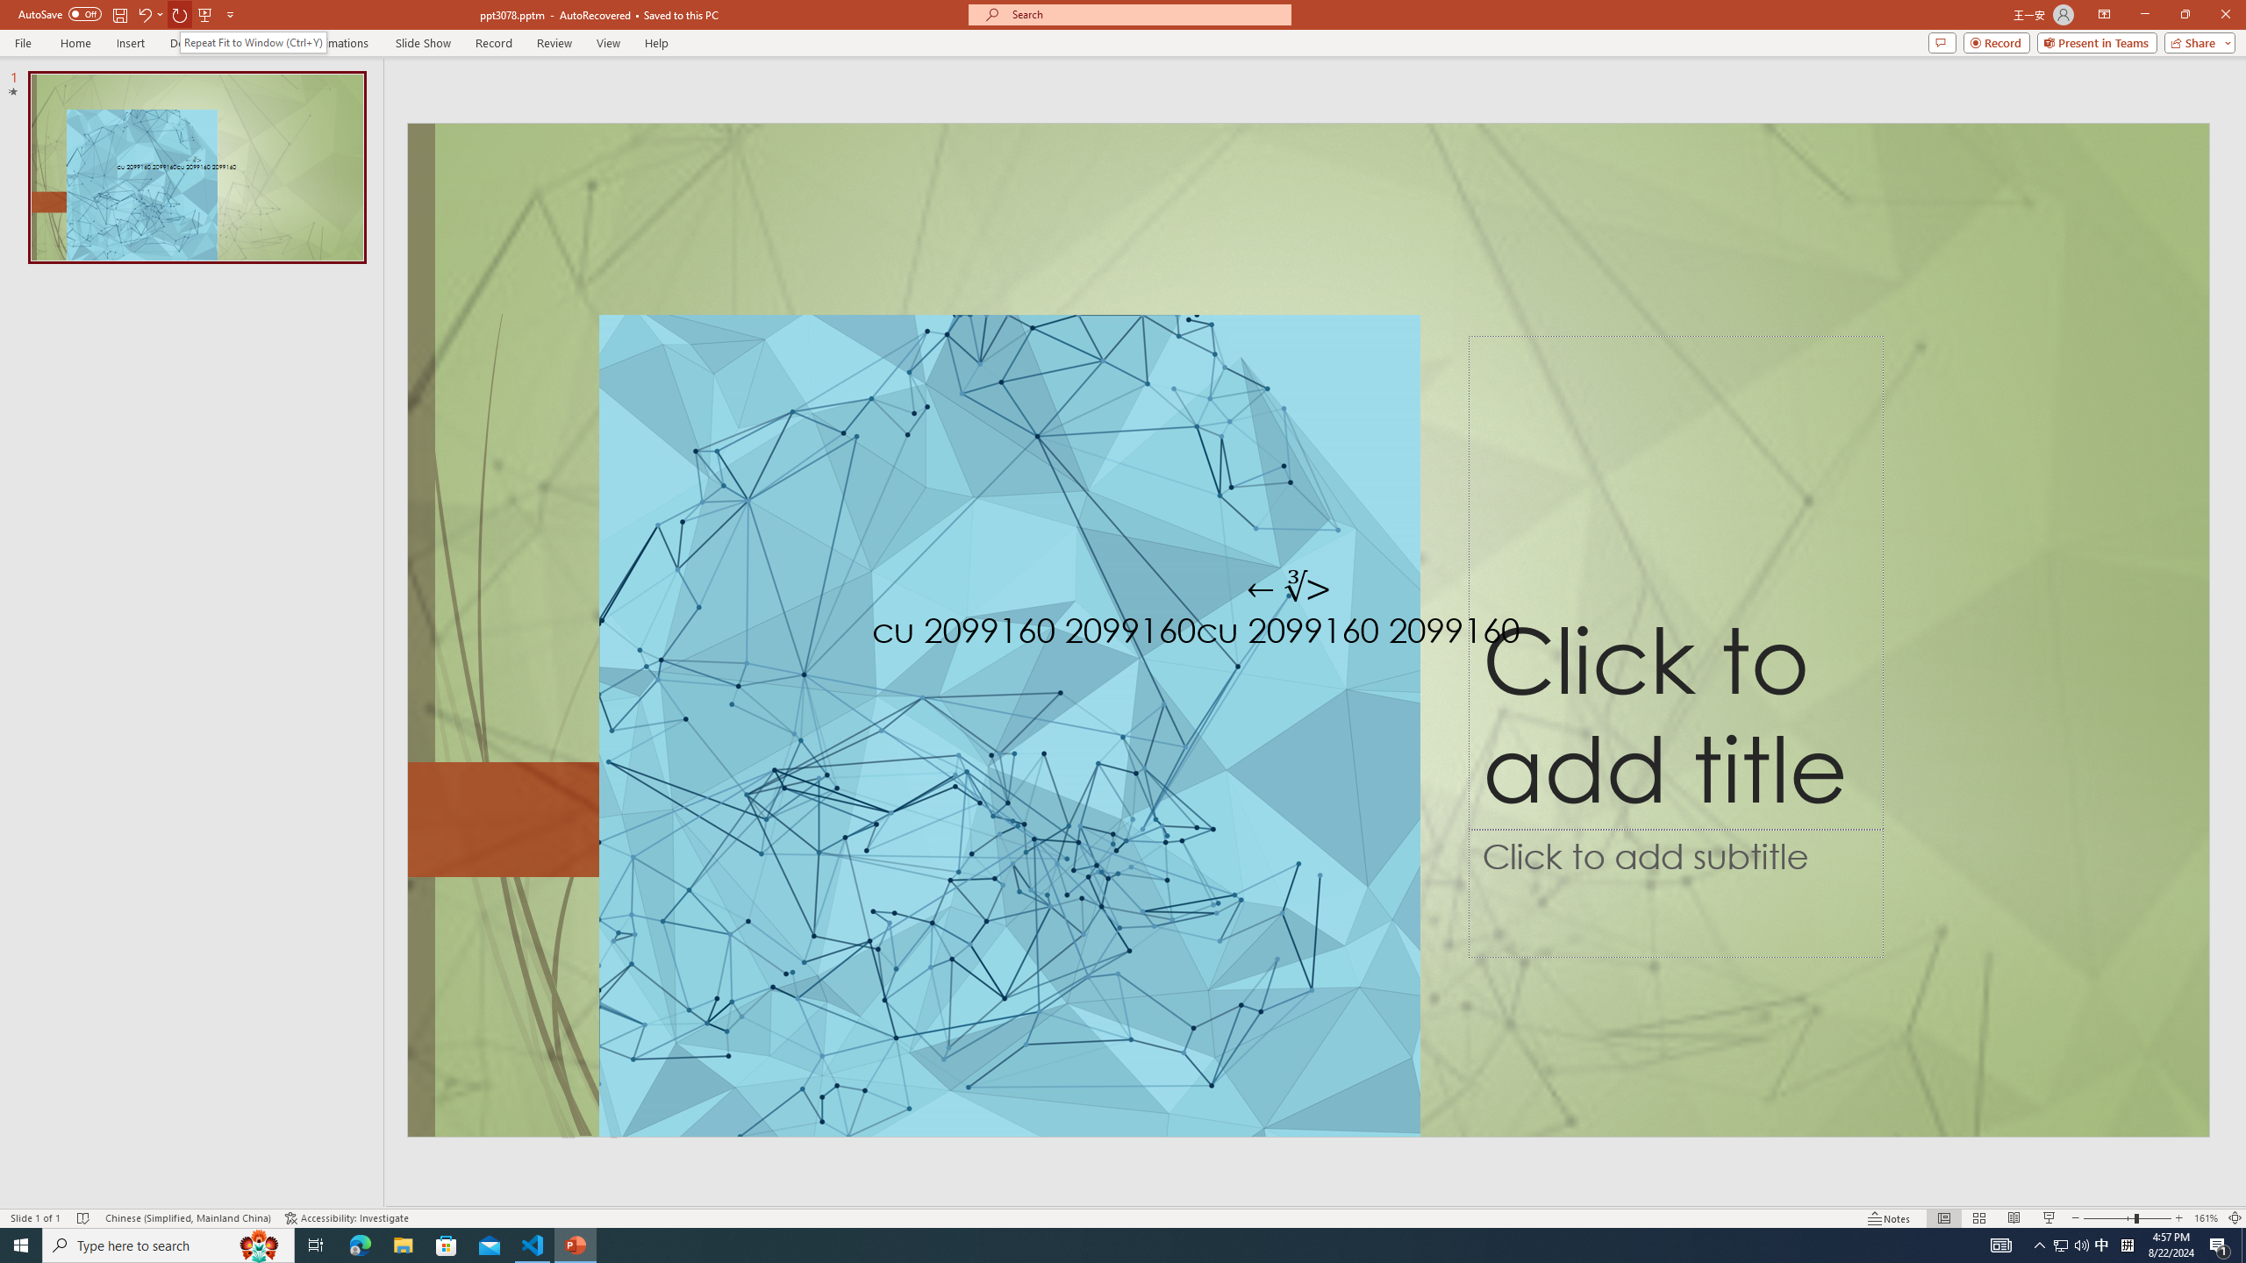 This screenshot has width=2246, height=1263. I want to click on 'Zoom 161%', so click(2207, 1218).